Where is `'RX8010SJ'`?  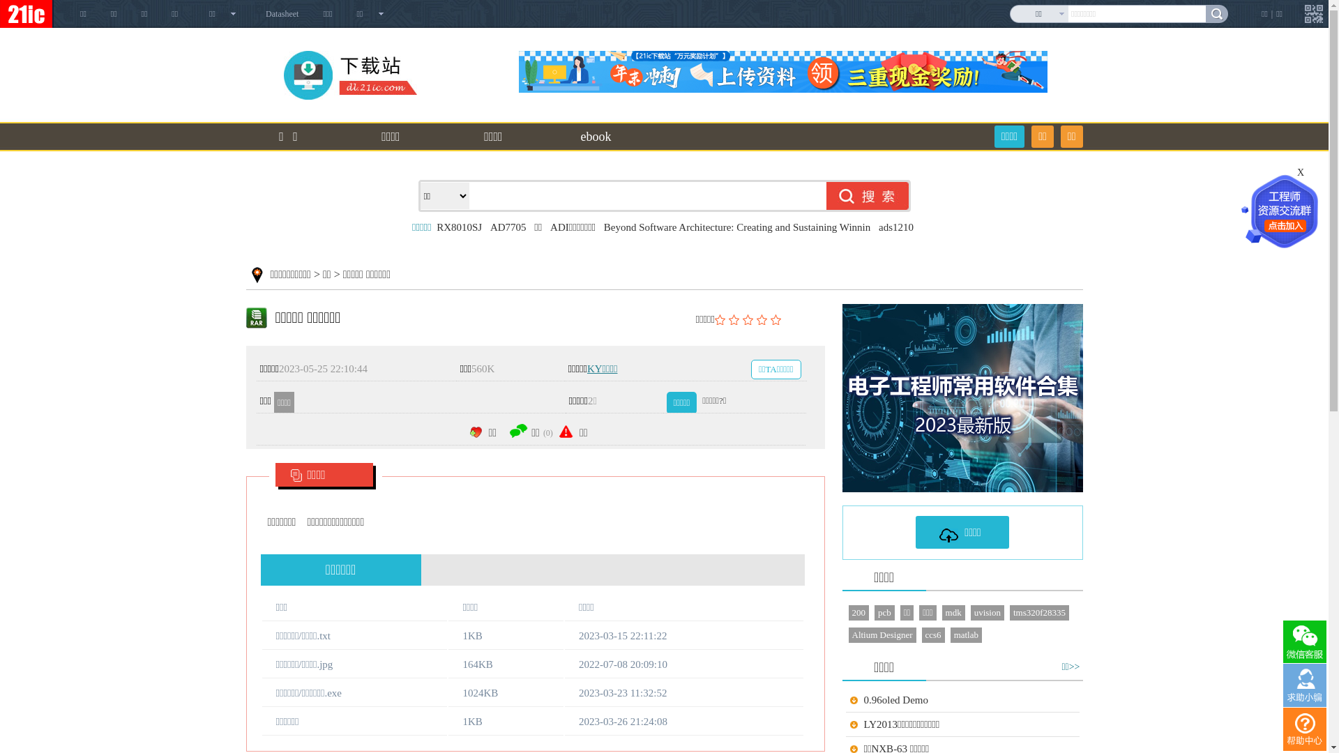
'RX8010SJ' is located at coordinates (459, 227).